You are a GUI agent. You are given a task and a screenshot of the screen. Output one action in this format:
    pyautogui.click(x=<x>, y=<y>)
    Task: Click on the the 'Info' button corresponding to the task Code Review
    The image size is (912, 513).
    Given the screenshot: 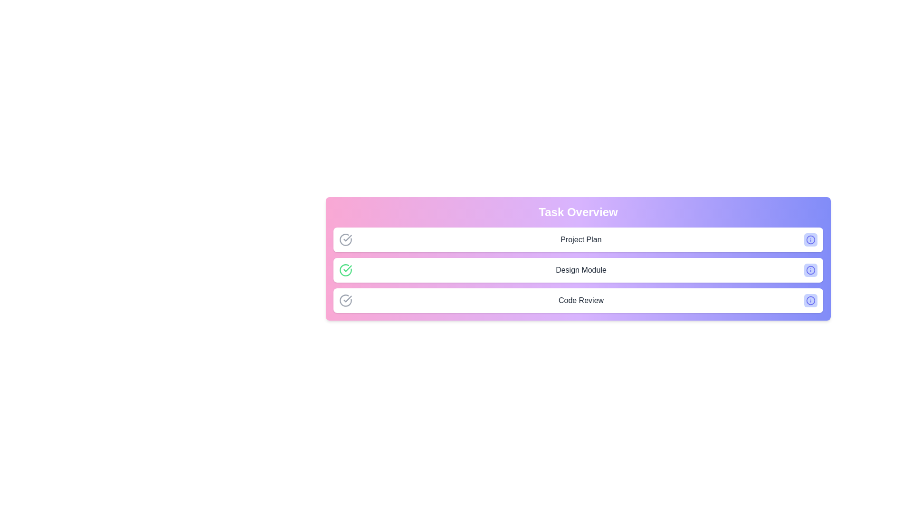 What is the action you would take?
    pyautogui.click(x=810, y=300)
    